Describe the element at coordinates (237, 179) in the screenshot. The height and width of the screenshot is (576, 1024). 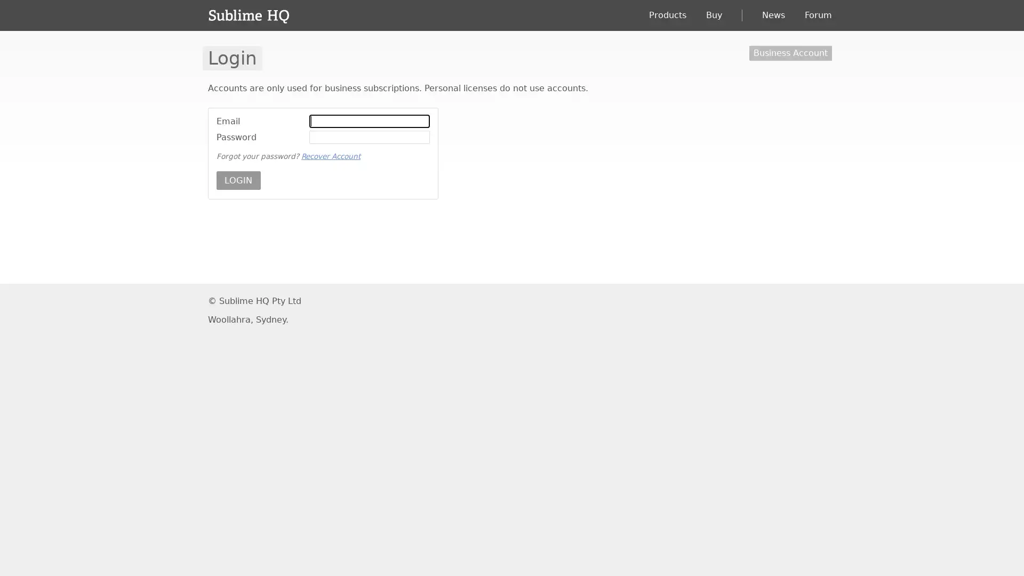
I see `LOGIN` at that location.